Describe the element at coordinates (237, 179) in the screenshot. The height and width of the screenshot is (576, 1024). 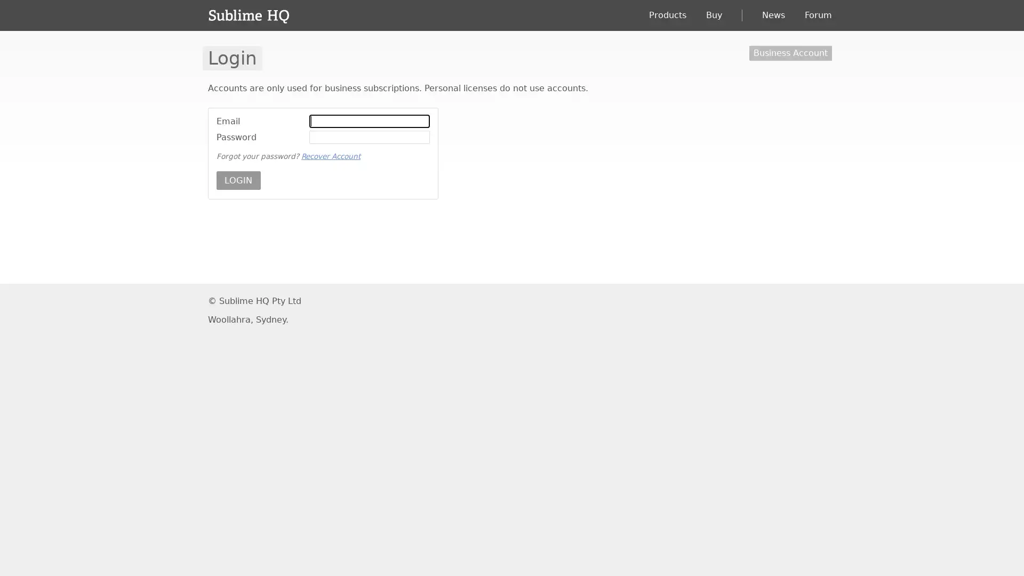
I see `LOGIN` at that location.